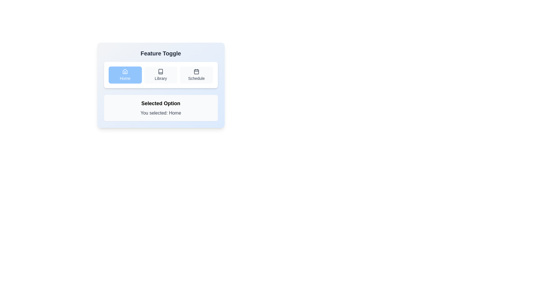 The height and width of the screenshot is (307, 546). Describe the element at coordinates (160, 71) in the screenshot. I see `the 'Library' icon in the middle section of the toggle interface` at that location.